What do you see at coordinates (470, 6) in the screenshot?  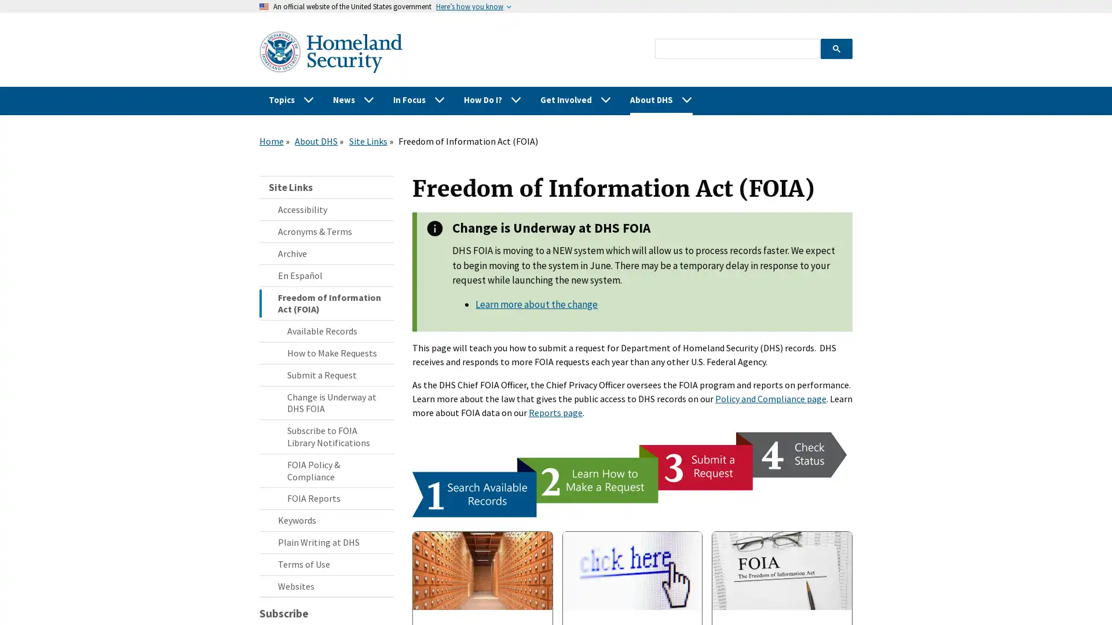 I see `Heres how you know` at bounding box center [470, 6].